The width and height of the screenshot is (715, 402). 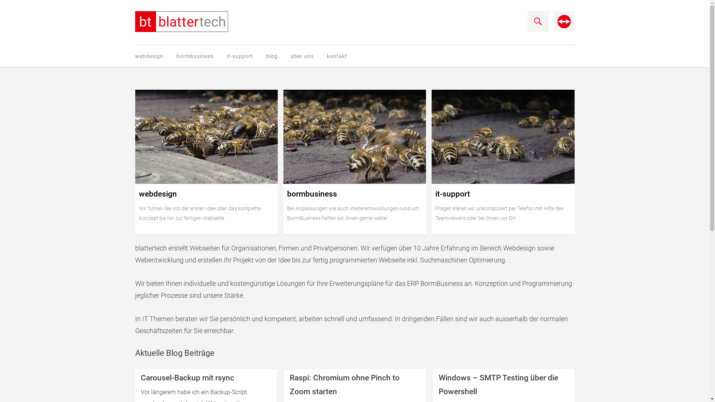 I want to click on 'Carousel-Backup mit rsync', so click(x=206, y=378).